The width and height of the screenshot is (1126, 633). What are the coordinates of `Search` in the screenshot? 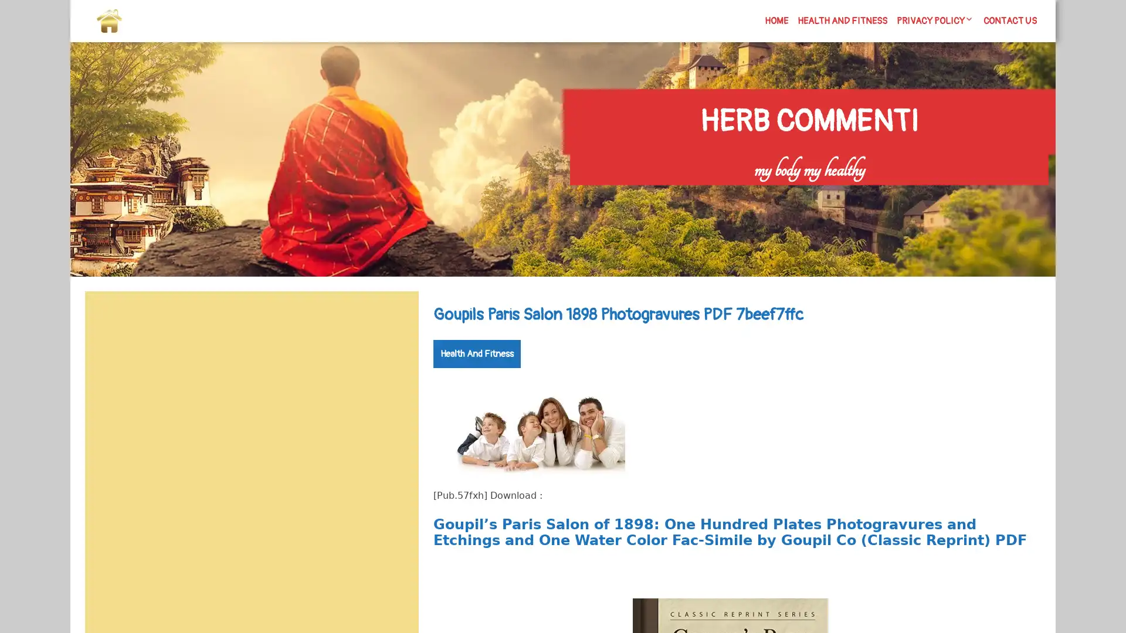 It's located at (391, 319).